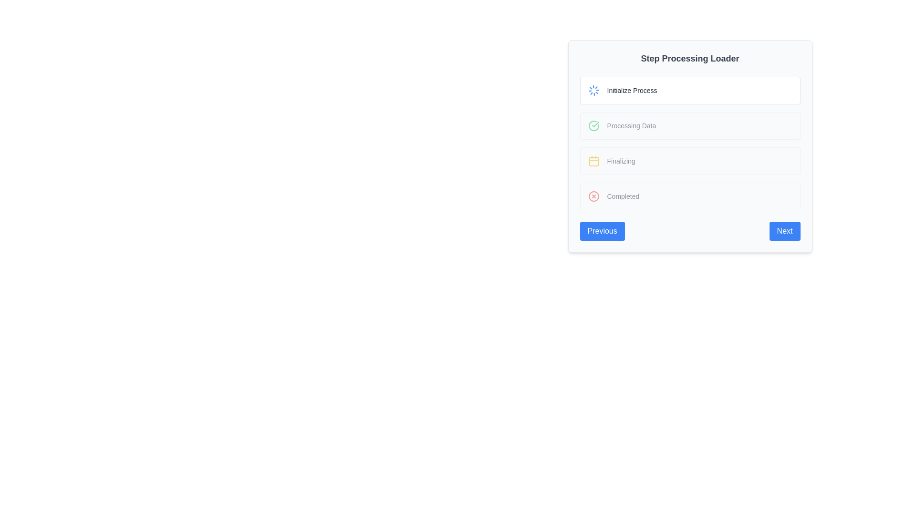 Image resolution: width=916 pixels, height=515 pixels. I want to click on the blue 'Previous' button with white text located near the bottom-left of the 'Step Processing Loader' dialog box, so click(602, 231).